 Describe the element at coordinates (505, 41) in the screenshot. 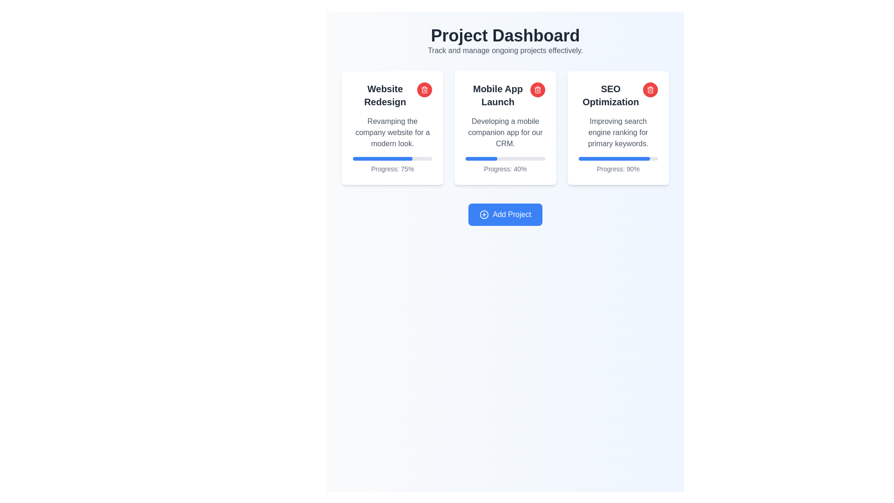

I see `the title text block at the top of the interface that displays the page's purpose for managing ongoing projects` at that location.